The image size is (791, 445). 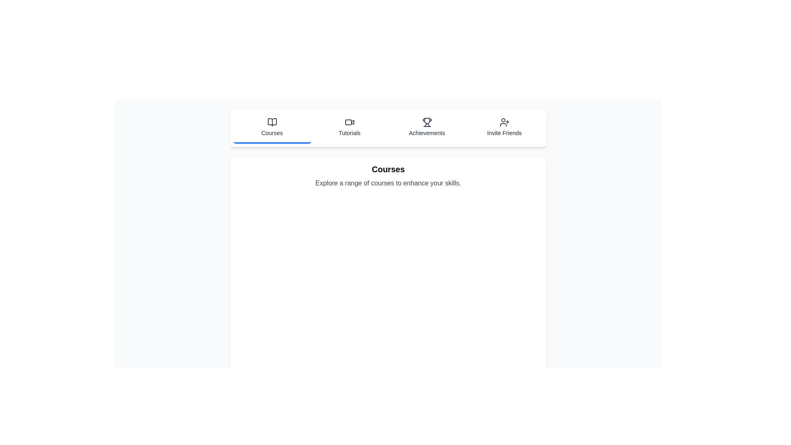 I want to click on the video camera icon in the navigation menu, so click(x=349, y=122).